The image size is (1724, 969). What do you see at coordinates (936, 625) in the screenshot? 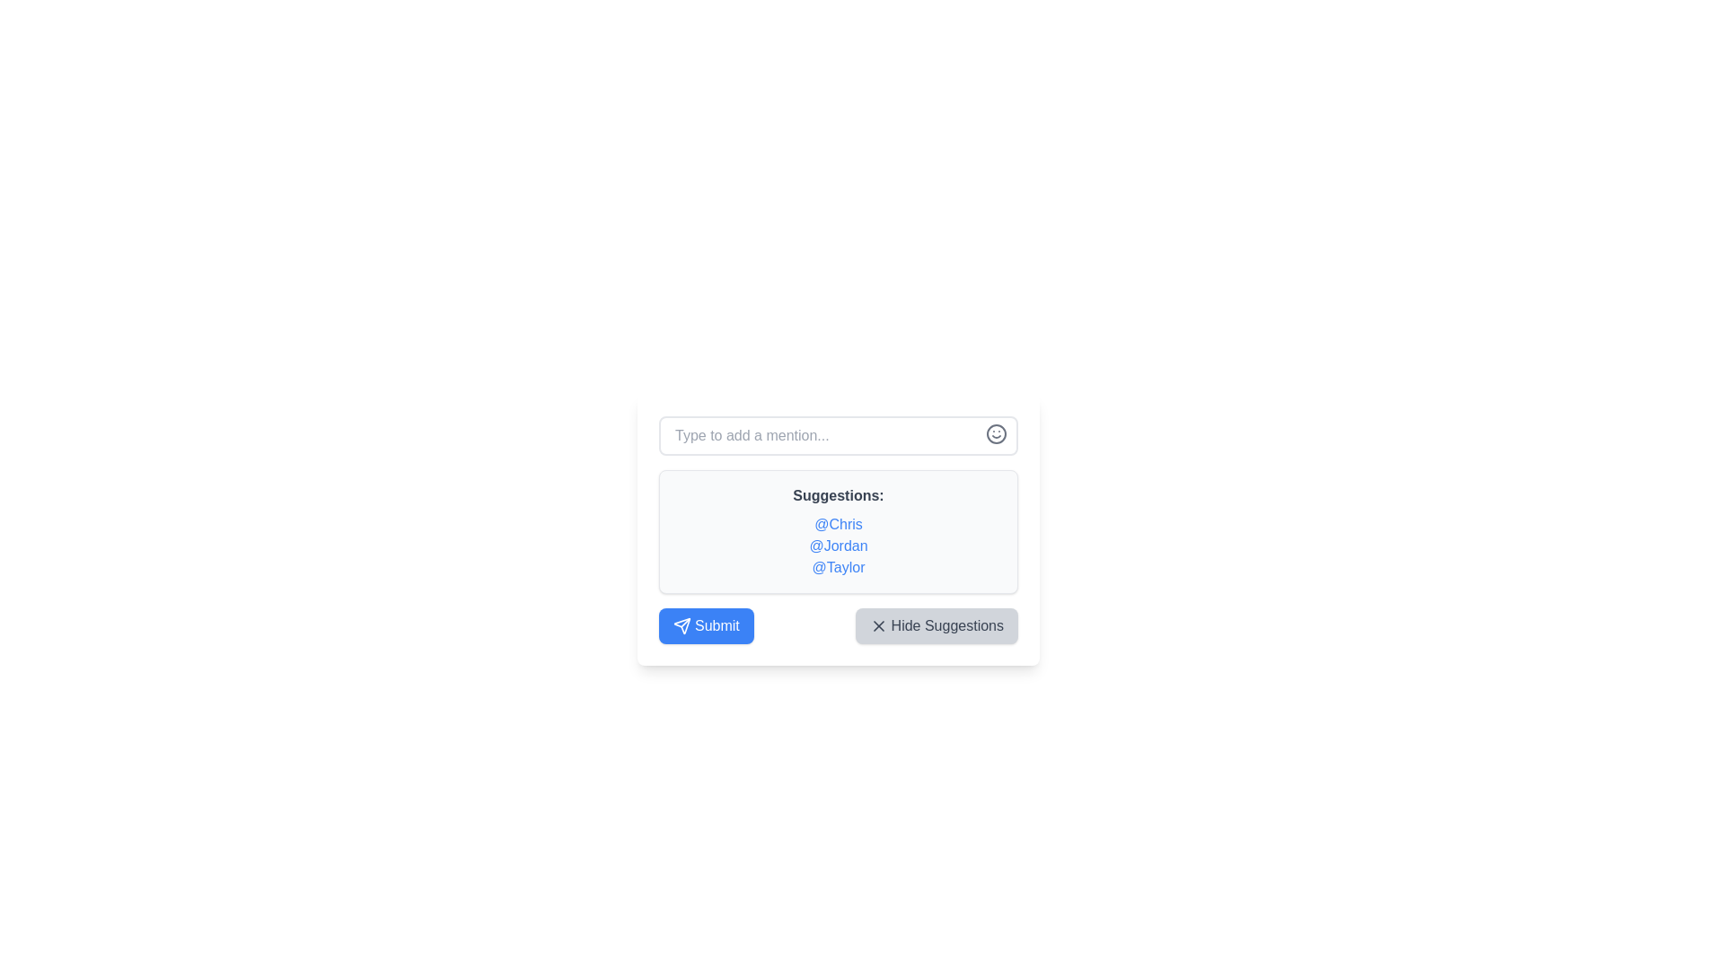
I see `the 'Hide Suggestions' button, which is a gray button with the label 'Hide Suggestions' and an 'X' icon, located towards the lower right of the suggestion box` at bounding box center [936, 625].